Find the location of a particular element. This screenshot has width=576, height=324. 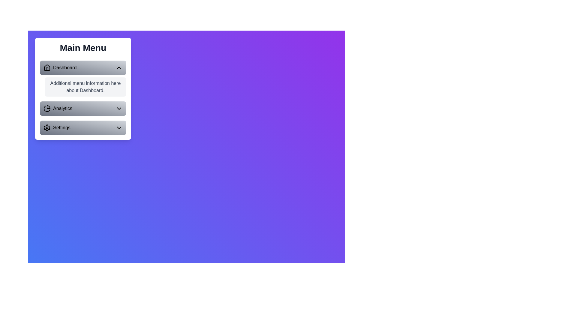

the settings icon located in the 'Settings' row of the vertical menu panel is located at coordinates (47, 127).